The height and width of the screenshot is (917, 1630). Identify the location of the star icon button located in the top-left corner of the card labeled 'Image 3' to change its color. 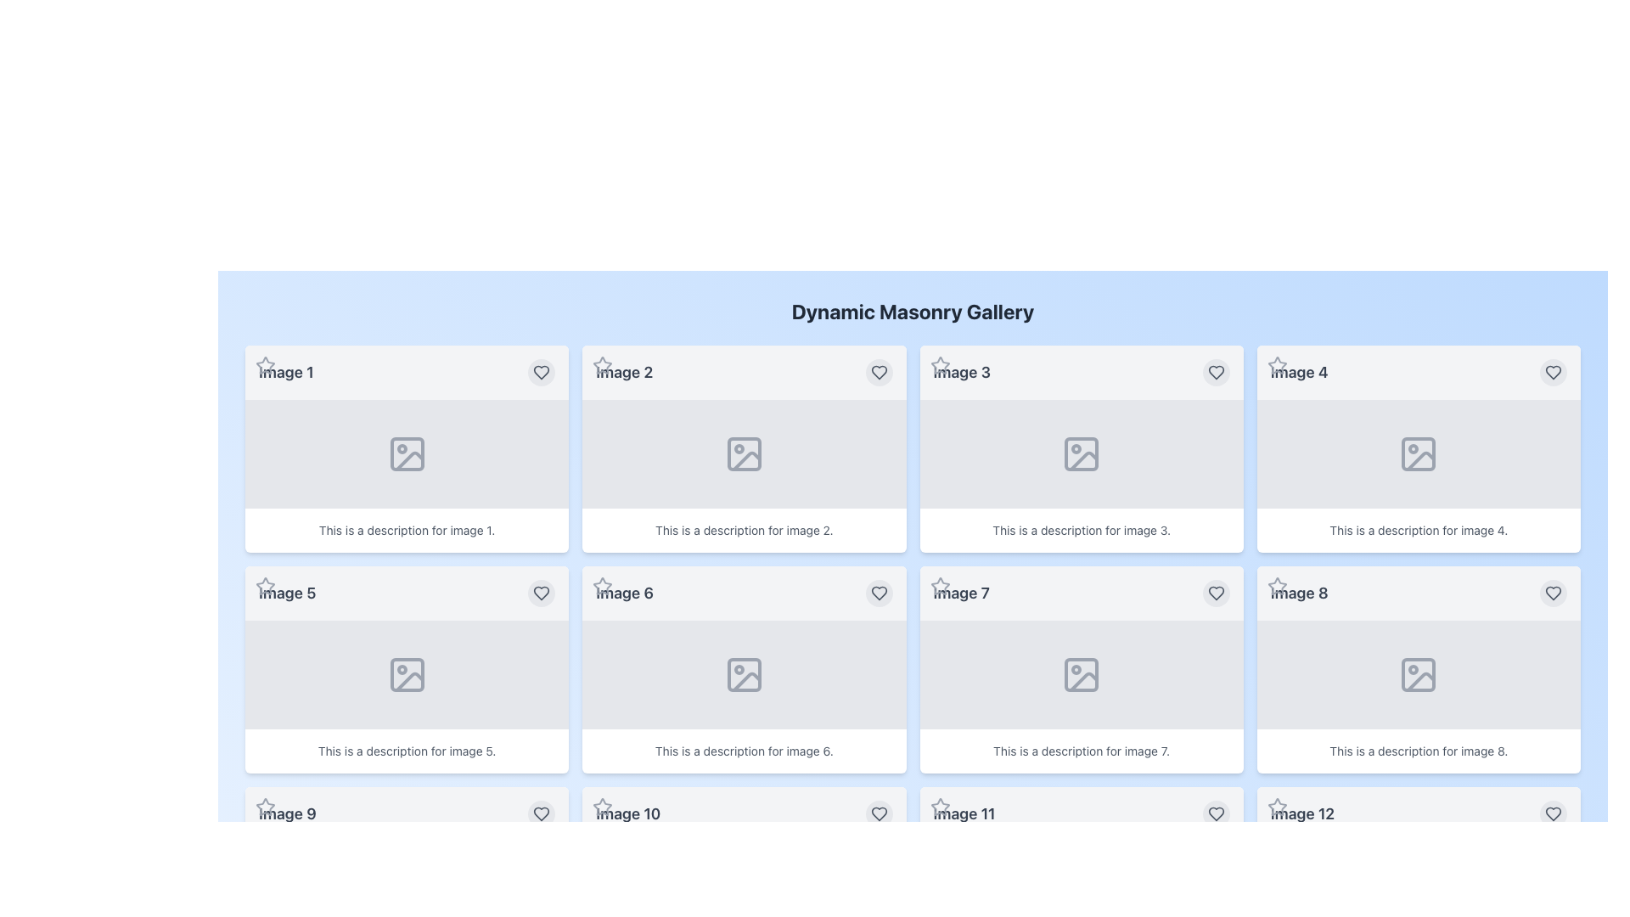
(939, 365).